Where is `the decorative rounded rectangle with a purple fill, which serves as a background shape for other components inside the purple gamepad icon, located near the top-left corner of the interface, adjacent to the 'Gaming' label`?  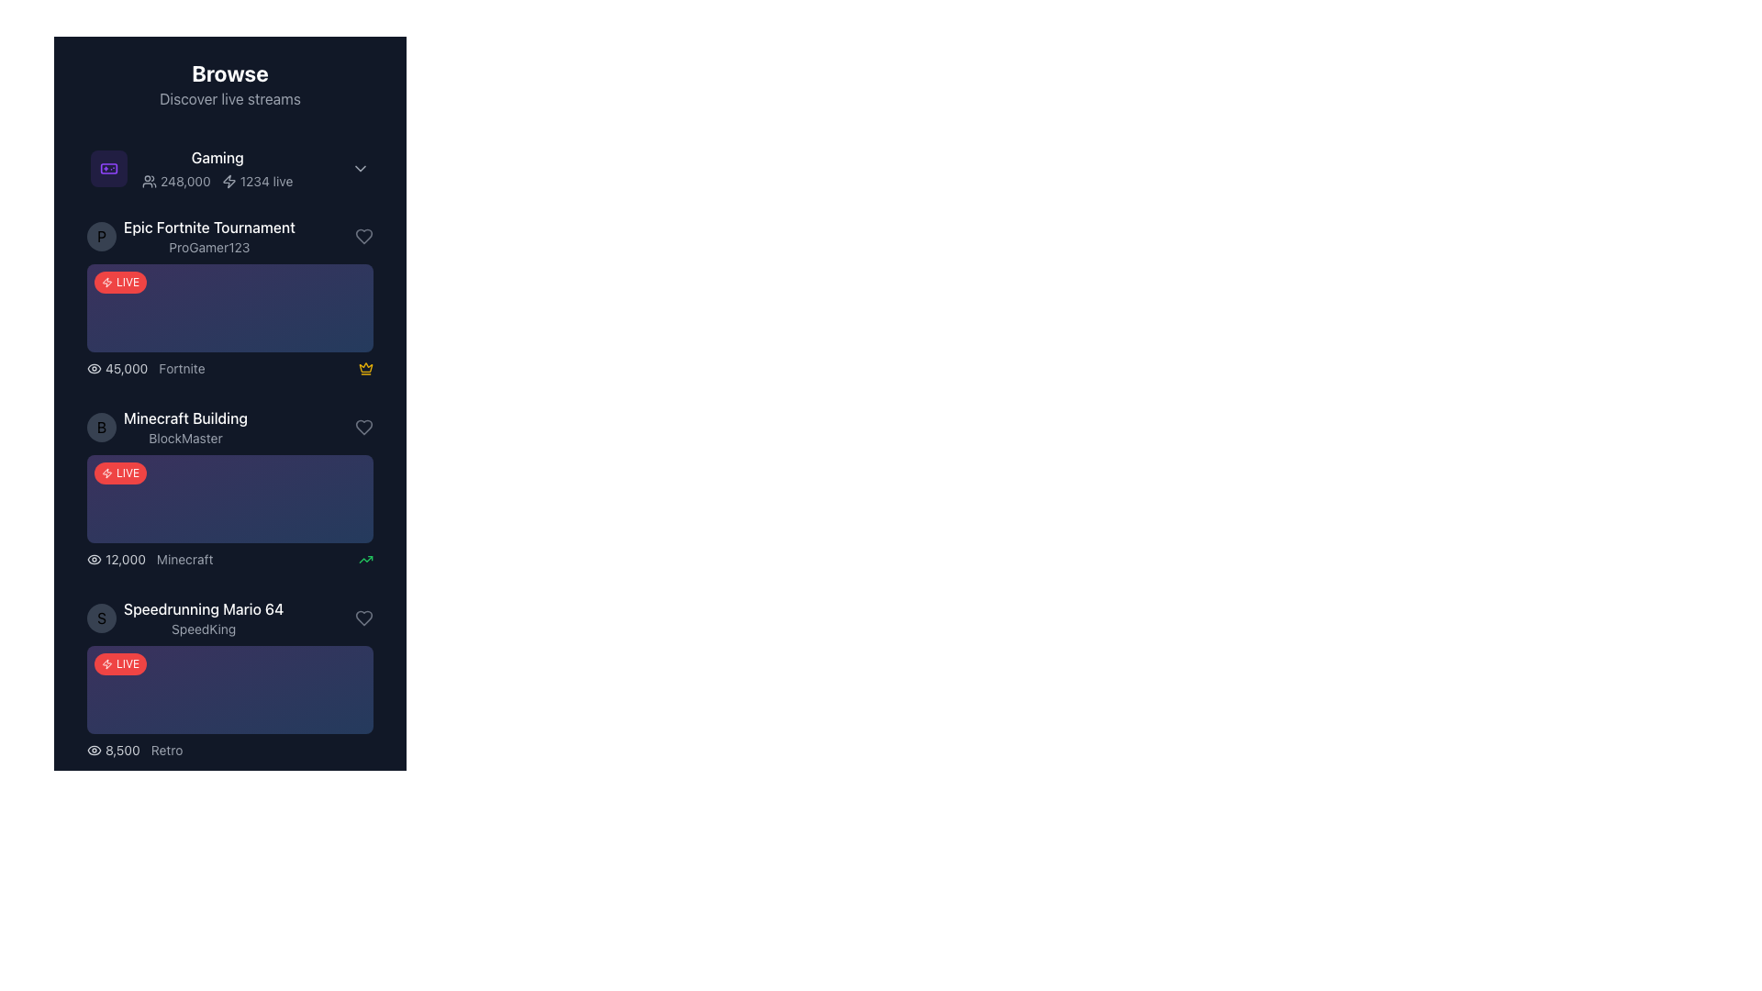 the decorative rounded rectangle with a purple fill, which serves as a background shape for other components inside the purple gamepad icon, located near the top-left corner of the interface, adjacent to the 'Gaming' label is located at coordinates (108, 169).